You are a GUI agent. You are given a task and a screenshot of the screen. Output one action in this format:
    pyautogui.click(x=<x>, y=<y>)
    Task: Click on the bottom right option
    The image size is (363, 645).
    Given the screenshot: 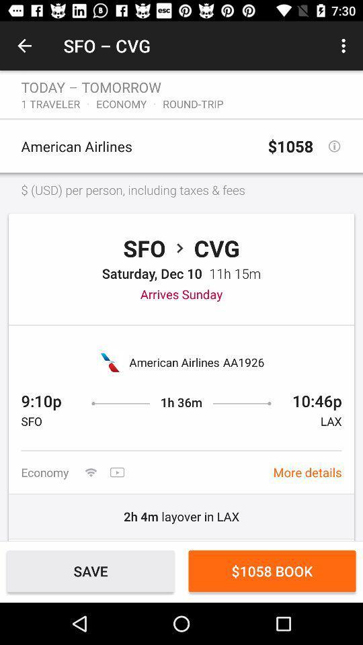 What is the action you would take?
    pyautogui.click(x=272, y=570)
    